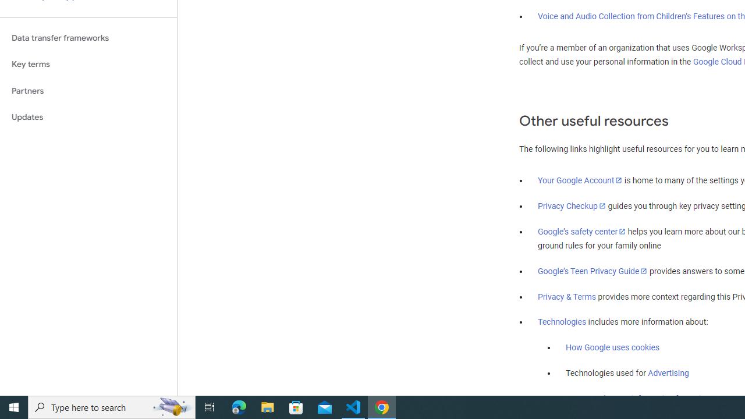 This screenshot has width=745, height=419. Describe the element at coordinates (567, 296) in the screenshot. I see `'Privacy & Terms'` at that location.